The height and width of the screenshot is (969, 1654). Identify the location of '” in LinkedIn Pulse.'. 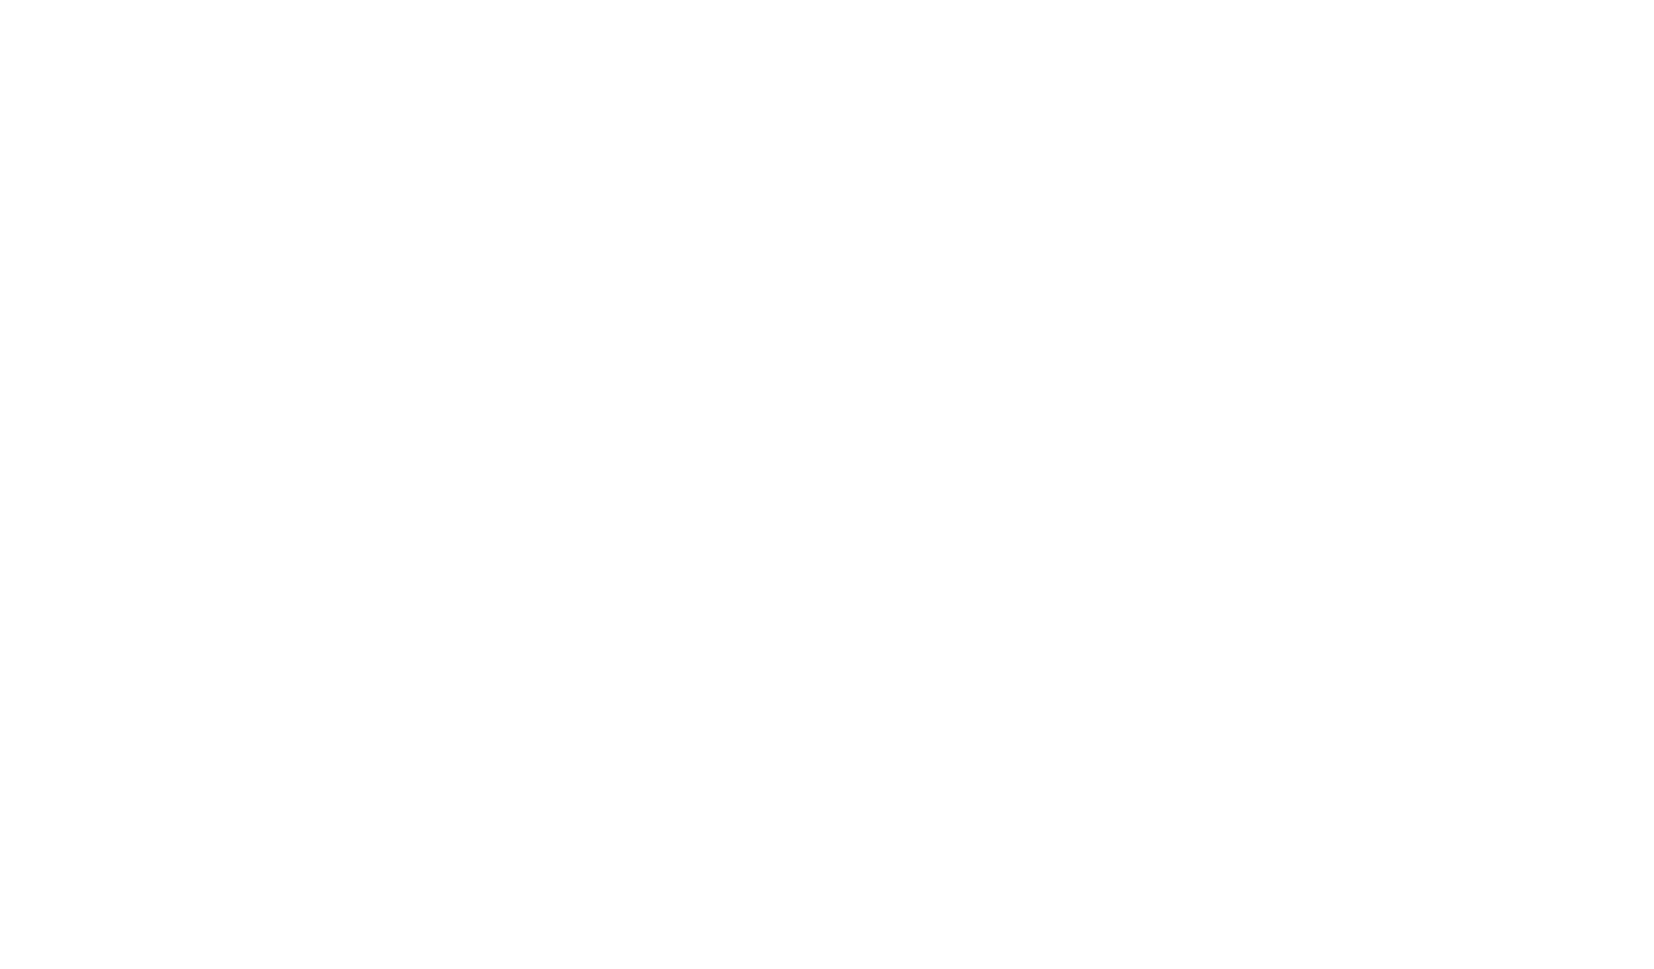
(393, 937).